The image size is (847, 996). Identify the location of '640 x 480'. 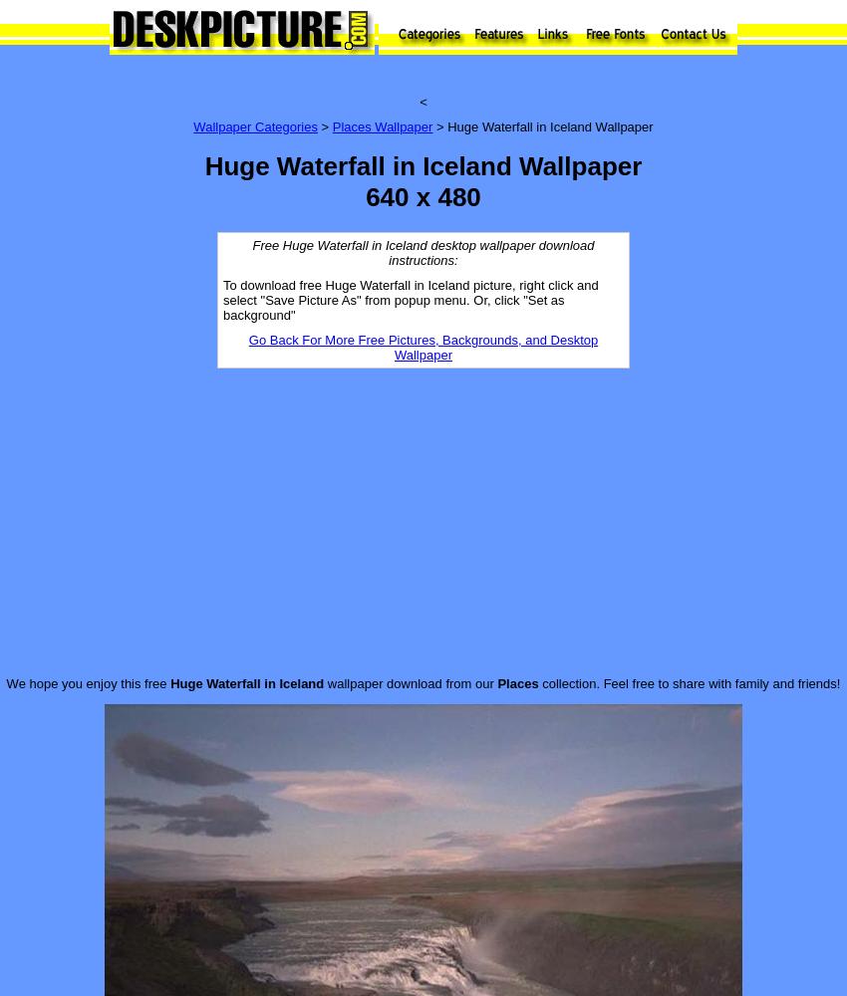
(365, 196).